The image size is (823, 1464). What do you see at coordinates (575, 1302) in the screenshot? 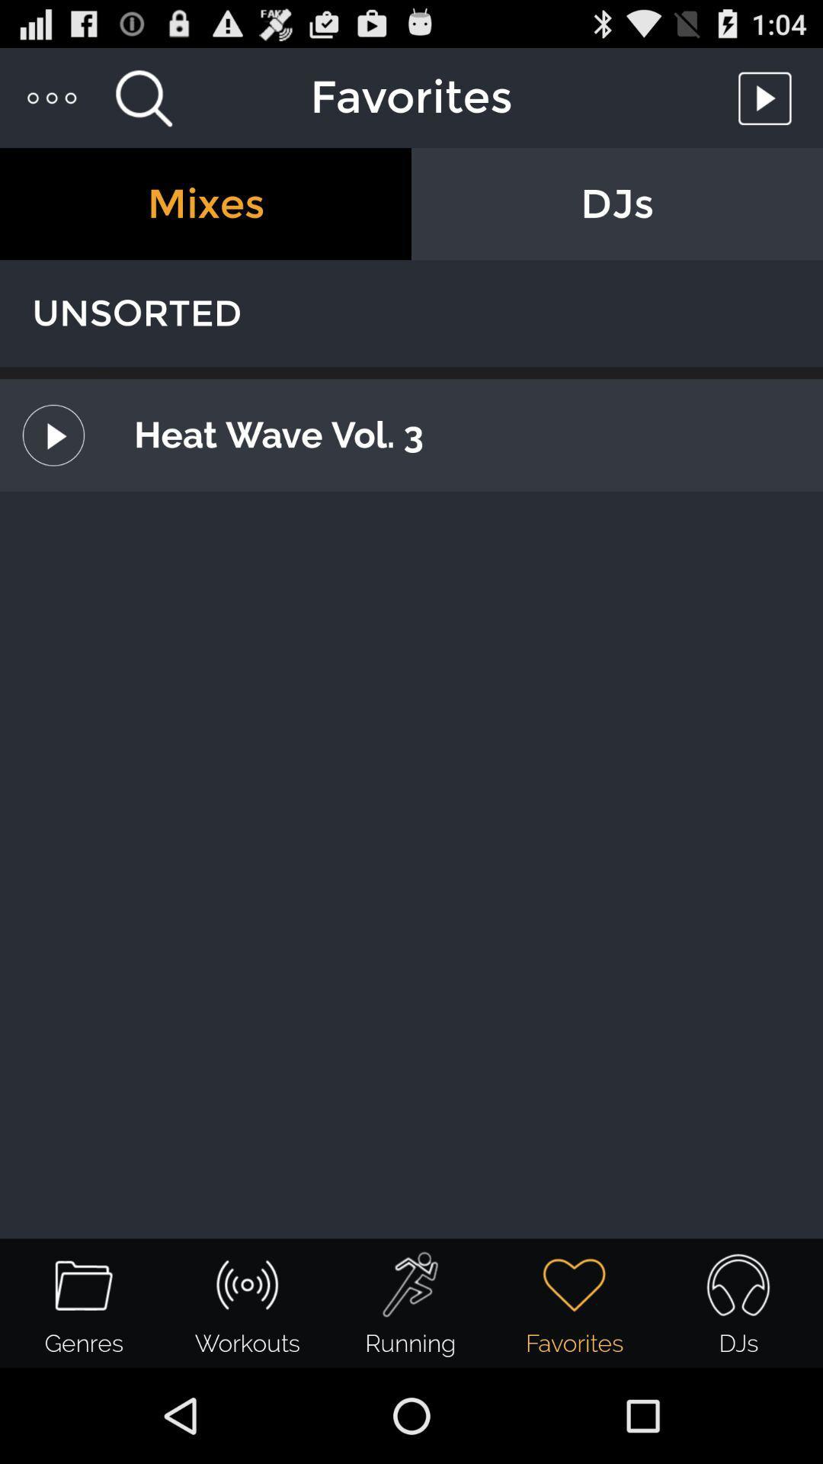
I see `the option favorites positioned left to djs` at bounding box center [575, 1302].